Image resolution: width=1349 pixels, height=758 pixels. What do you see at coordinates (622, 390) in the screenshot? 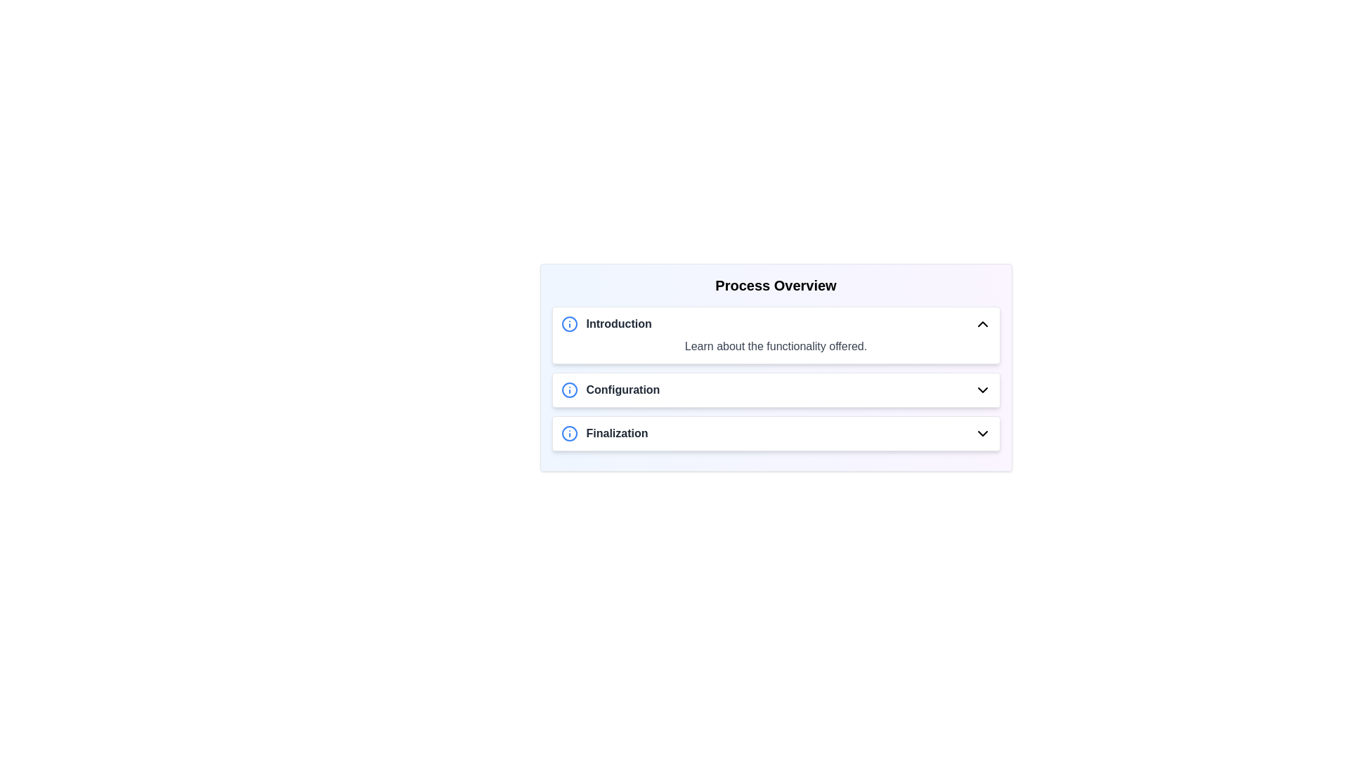
I see `the 'Configuration' text label, which is displayed in bold gray font and located in the 'Process Overview' panel between the 'Introduction' and 'Finalization' sections` at bounding box center [622, 390].